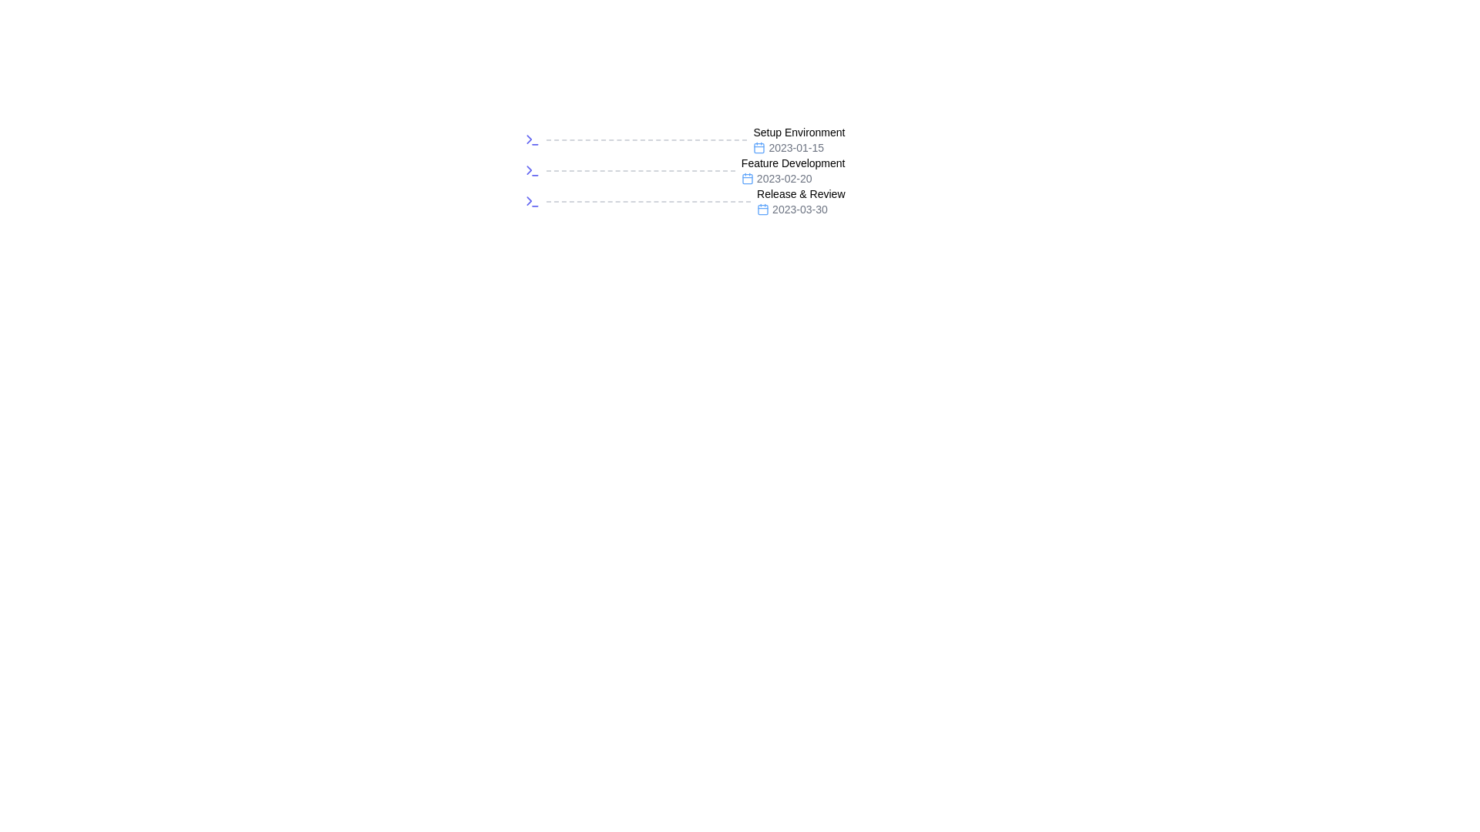 The width and height of the screenshot is (1480, 832). I want to click on the calendar icon associated with the date '2023-02-20' in the 'Feature Development' section of the timeline, so click(747, 178).